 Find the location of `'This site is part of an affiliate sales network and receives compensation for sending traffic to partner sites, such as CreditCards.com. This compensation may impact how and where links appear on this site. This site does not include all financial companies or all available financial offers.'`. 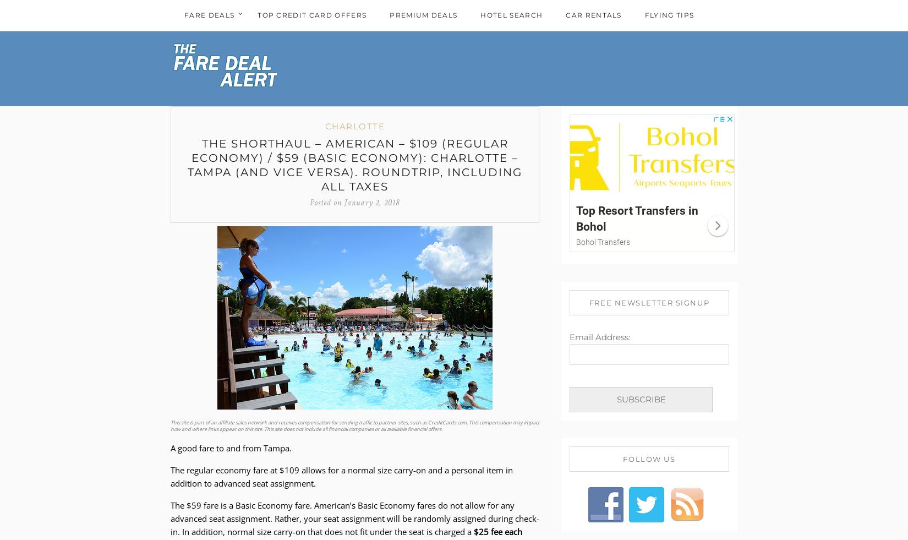

'This site is part of an affiliate sales network and receives compensation for sending traffic to partner sites, such as CreditCards.com. This compensation may impact how and where links appear on this site. This site does not include all financial companies or all available financial offers.' is located at coordinates (354, 425).